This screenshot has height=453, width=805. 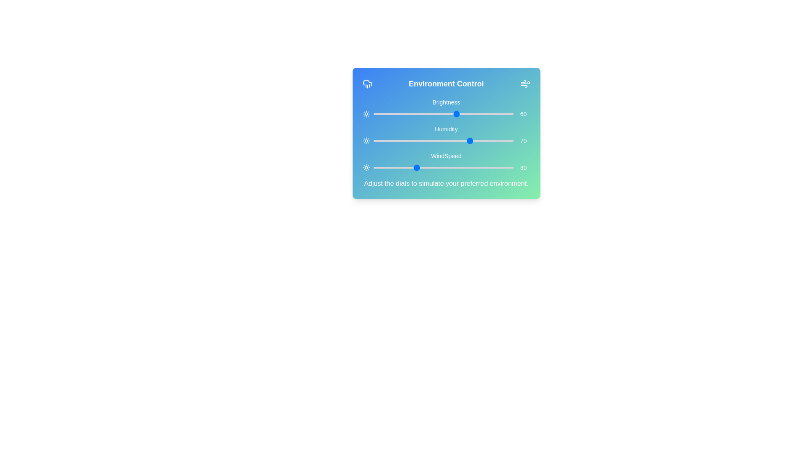 What do you see at coordinates (443, 114) in the screenshot?
I see `the brightness slider to observe any hover effects` at bounding box center [443, 114].